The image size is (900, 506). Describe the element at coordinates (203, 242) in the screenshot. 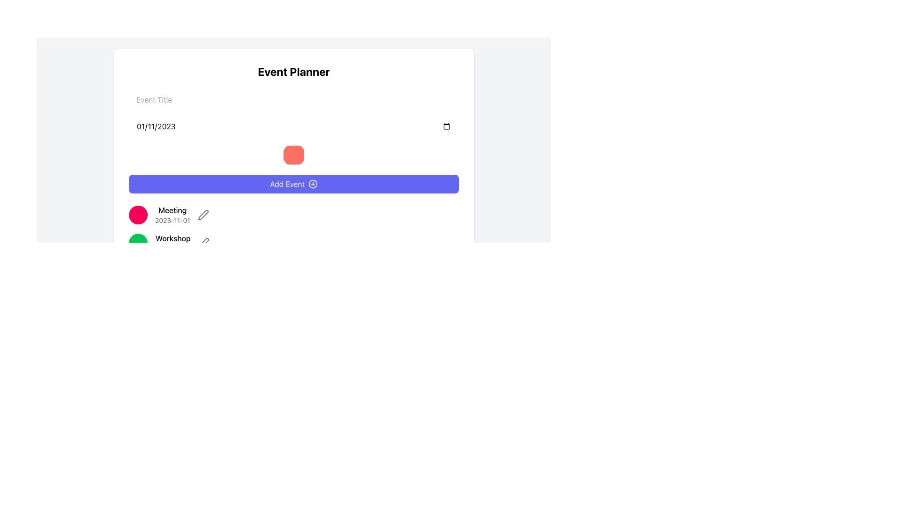

I see `the pen icon located immediately to the right of the 'Meeting' event entry to enter edit mode` at that location.